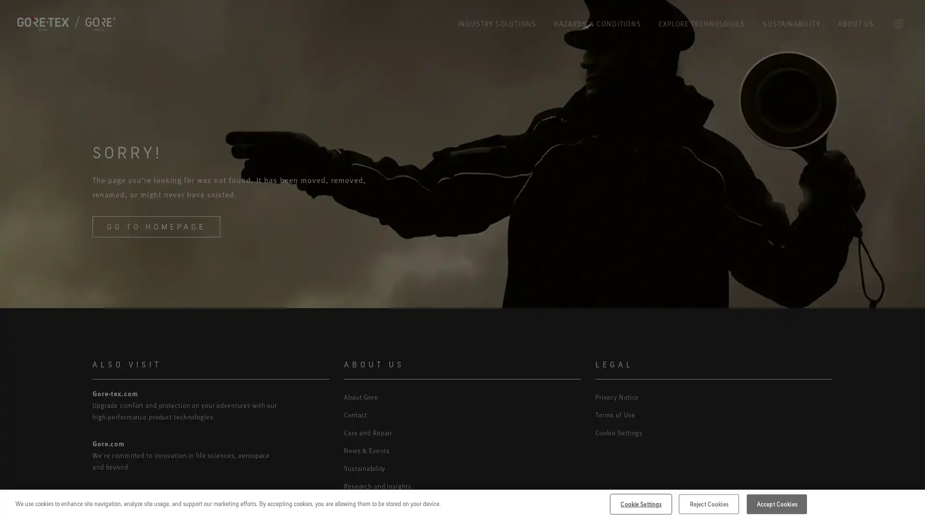 This screenshot has width=925, height=520. I want to click on Accept Cookies, so click(777, 503).